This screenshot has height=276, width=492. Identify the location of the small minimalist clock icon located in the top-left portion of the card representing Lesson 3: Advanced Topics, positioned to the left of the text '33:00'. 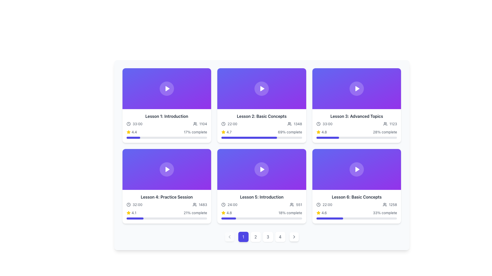
(318, 124).